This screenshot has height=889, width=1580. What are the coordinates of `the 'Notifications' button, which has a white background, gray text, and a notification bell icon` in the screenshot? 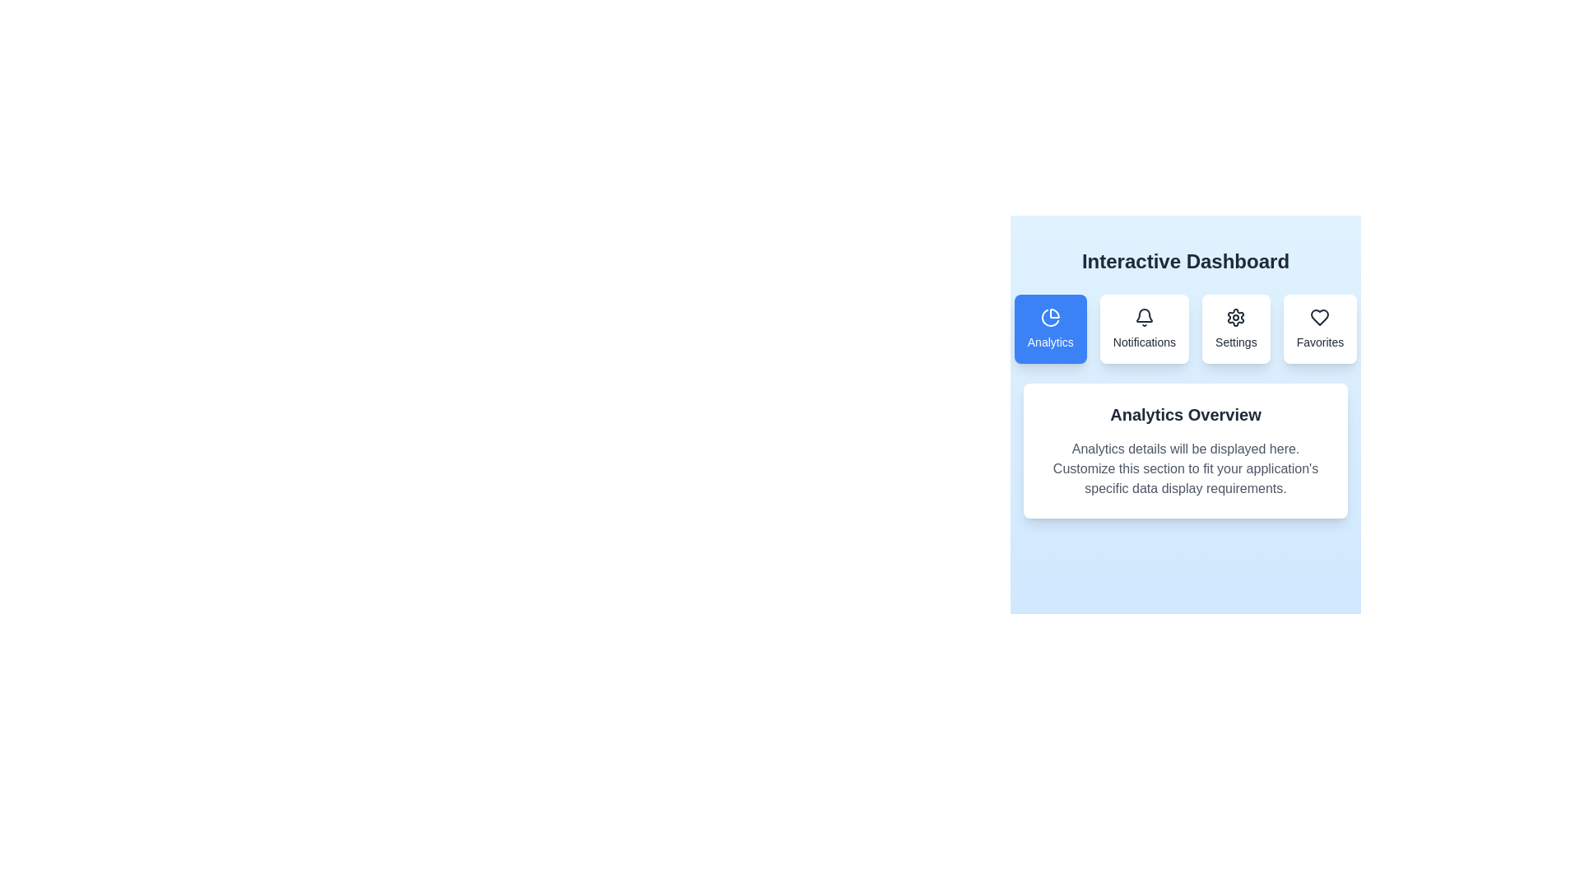 It's located at (1143, 329).